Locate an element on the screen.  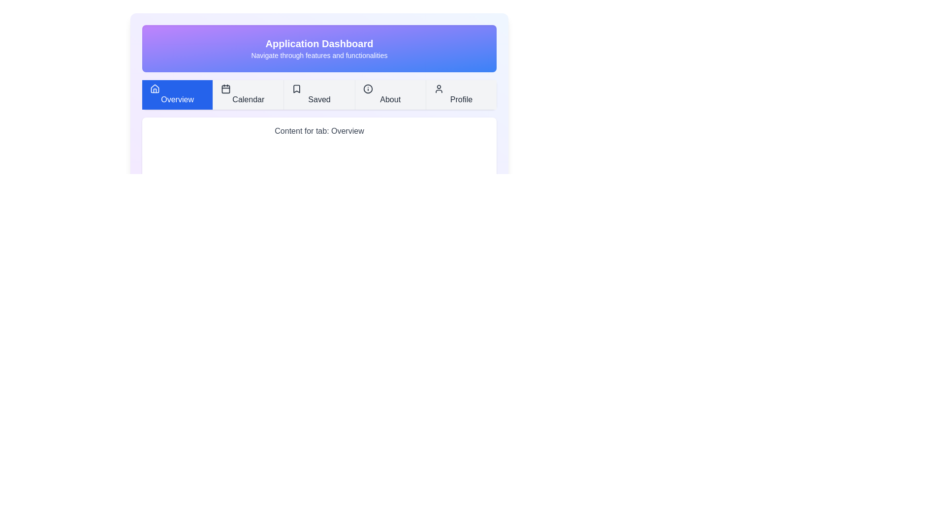
the bookmark icon in the navigation bar, which is represented as an SVG element with a thin stroke, associated with the 'Saved' navigation tab is located at coordinates (296, 89).